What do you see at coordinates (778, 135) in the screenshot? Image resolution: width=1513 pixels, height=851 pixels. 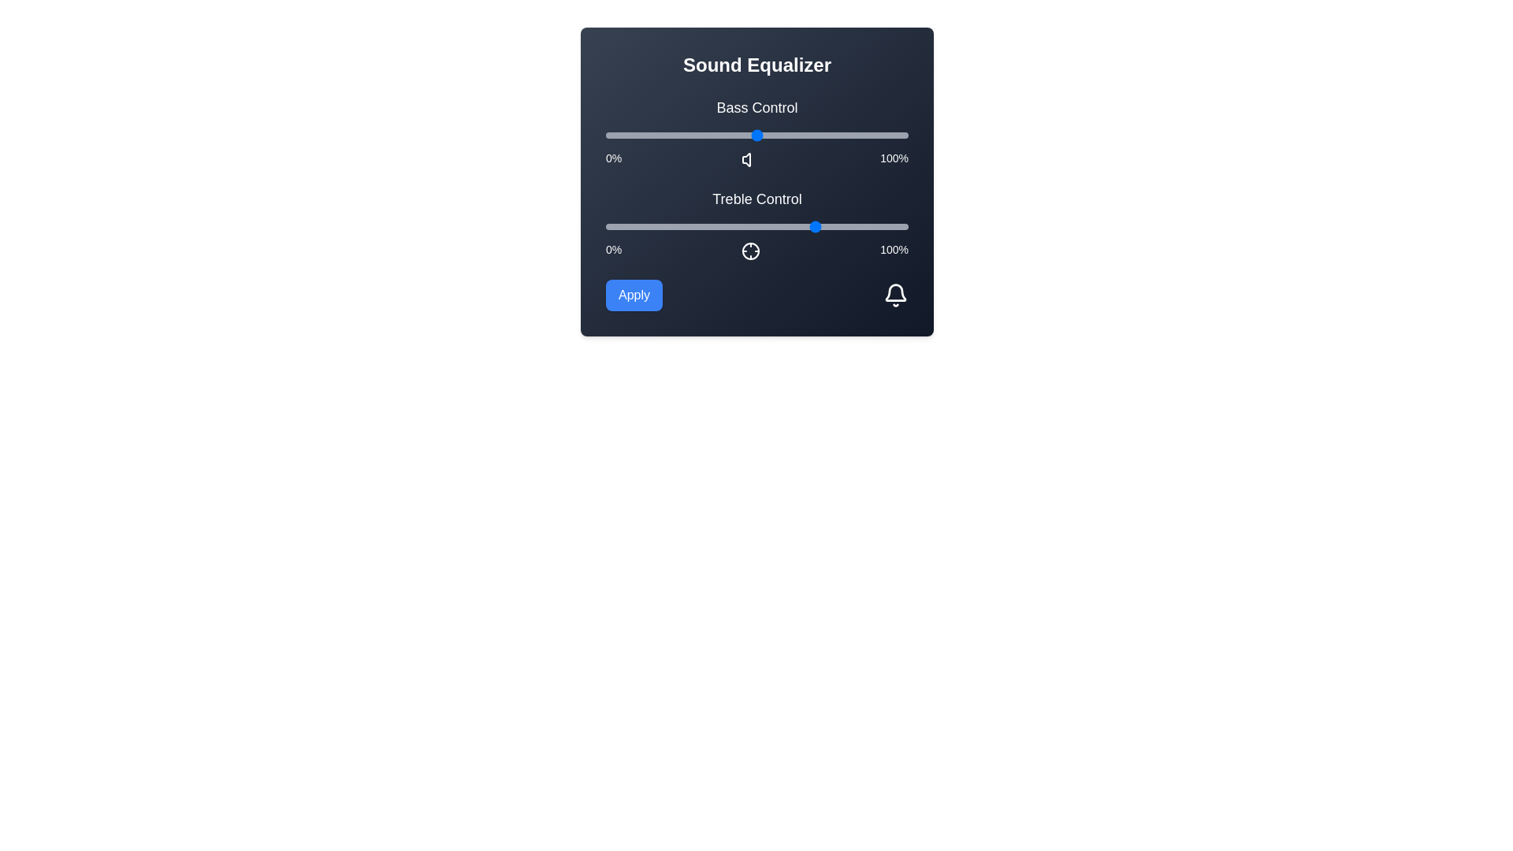 I see `the bass control slider to 57%` at bounding box center [778, 135].